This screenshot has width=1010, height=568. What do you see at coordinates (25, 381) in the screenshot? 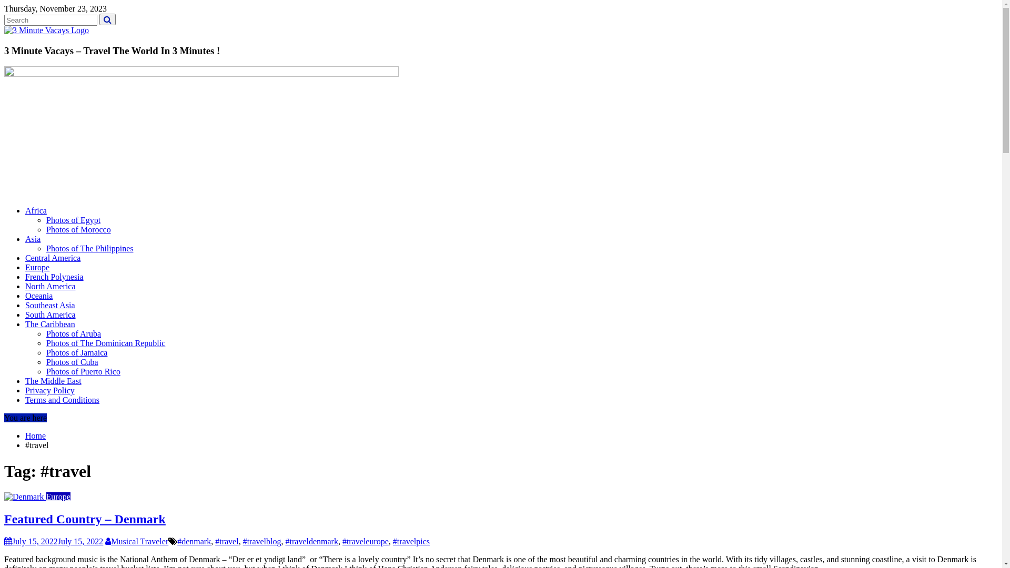
I see `'The Middle East'` at bounding box center [25, 381].